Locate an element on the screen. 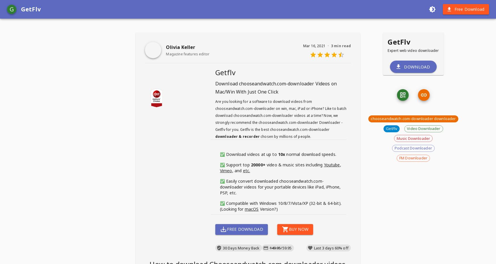 Image resolution: width=496 pixels, height=264 pixels. '✅ Support top' is located at coordinates (220, 164).